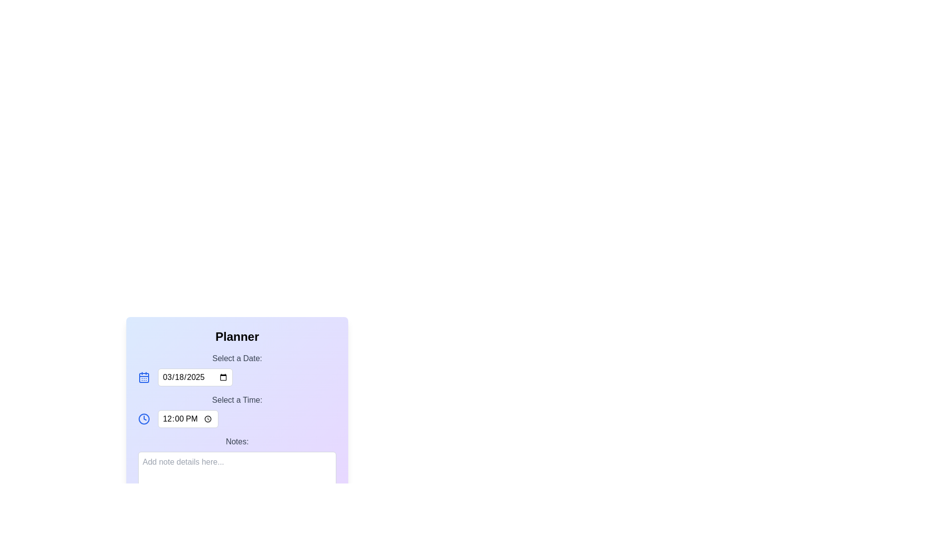 Image resolution: width=951 pixels, height=535 pixels. I want to click on the graphical decorative element that represents one of the day cells within the calendar icon, located at the top left of the window's planner interface, next to the date input field labeled '03/18/2025', so click(144, 378).